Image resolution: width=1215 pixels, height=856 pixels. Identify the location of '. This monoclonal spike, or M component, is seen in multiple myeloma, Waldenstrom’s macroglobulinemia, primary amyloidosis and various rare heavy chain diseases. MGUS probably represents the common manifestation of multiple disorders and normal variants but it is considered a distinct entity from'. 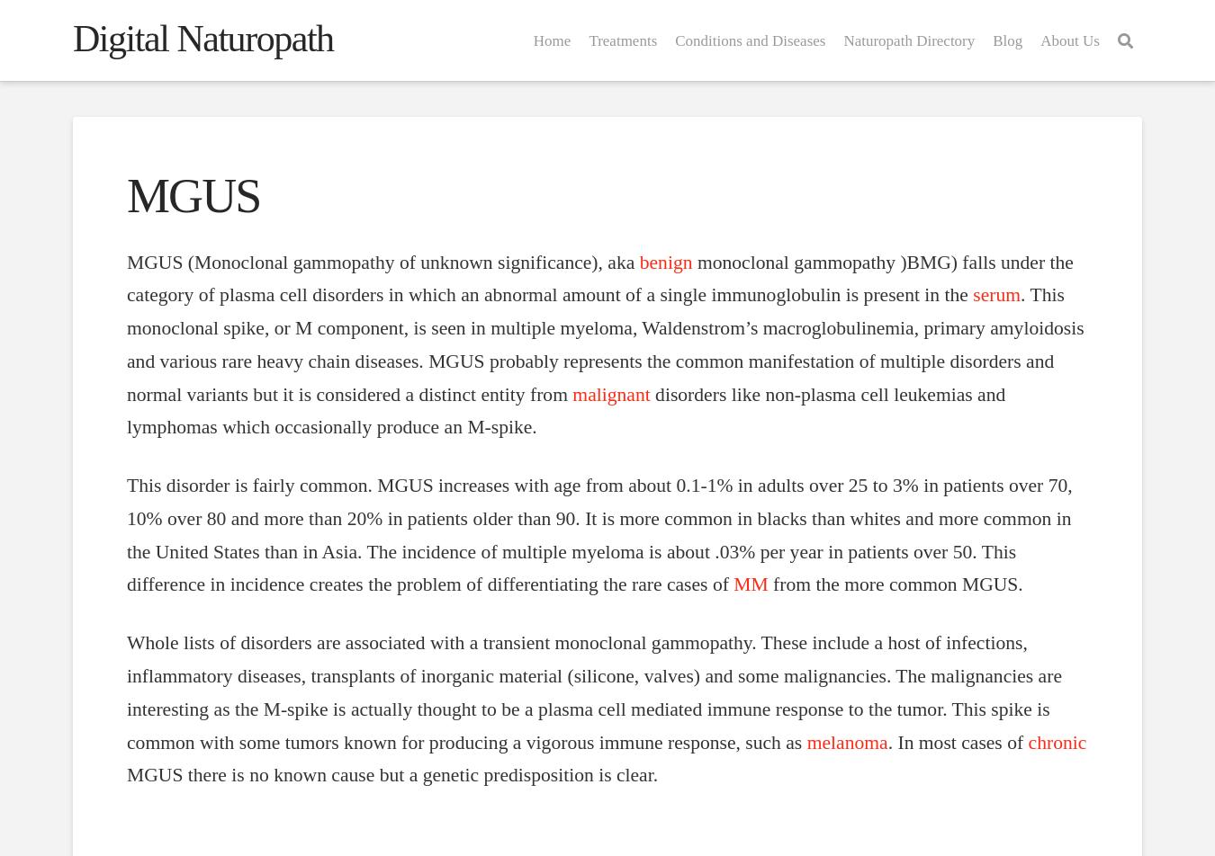
(605, 343).